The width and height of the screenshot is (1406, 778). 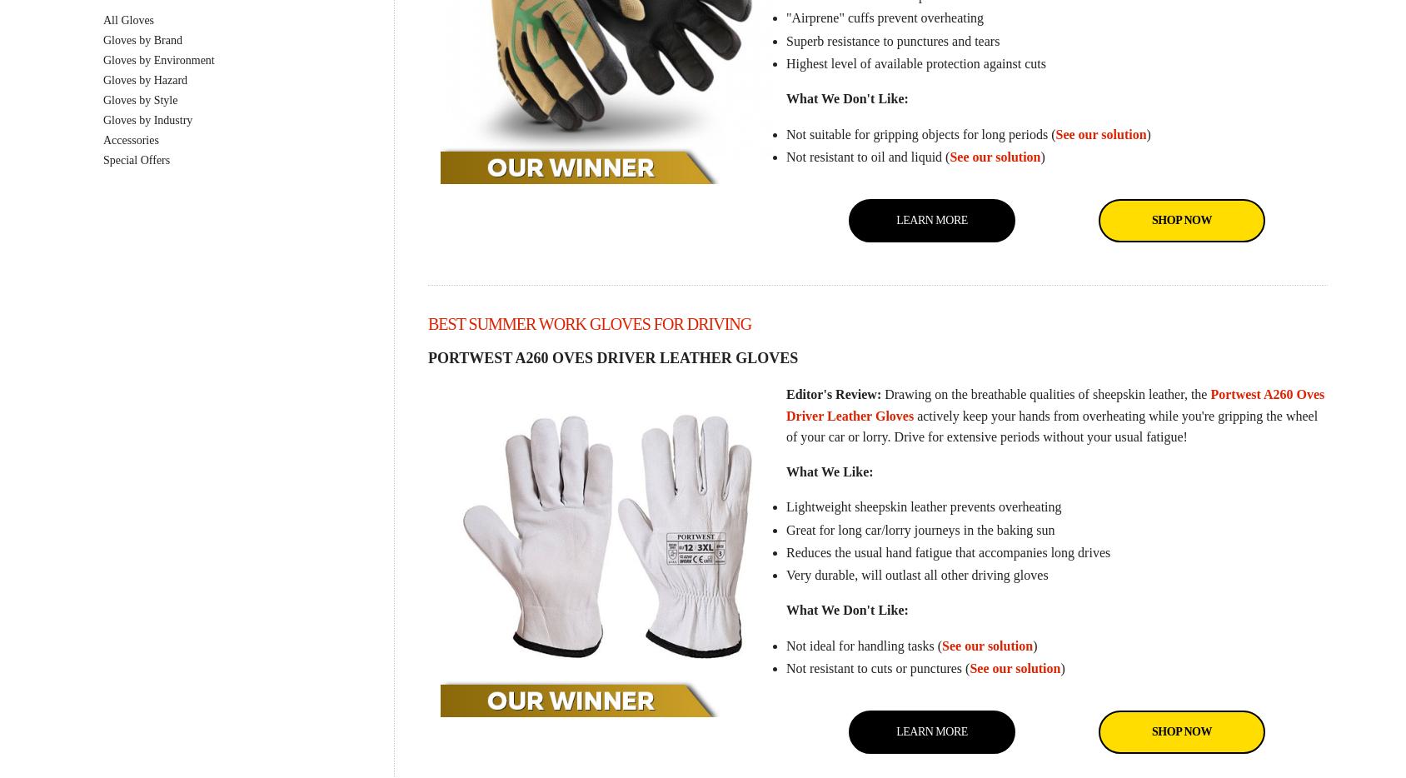 What do you see at coordinates (920, 133) in the screenshot?
I see `'Not suitable for gripping objects for long periods ('` at bounding box center [920, 133].